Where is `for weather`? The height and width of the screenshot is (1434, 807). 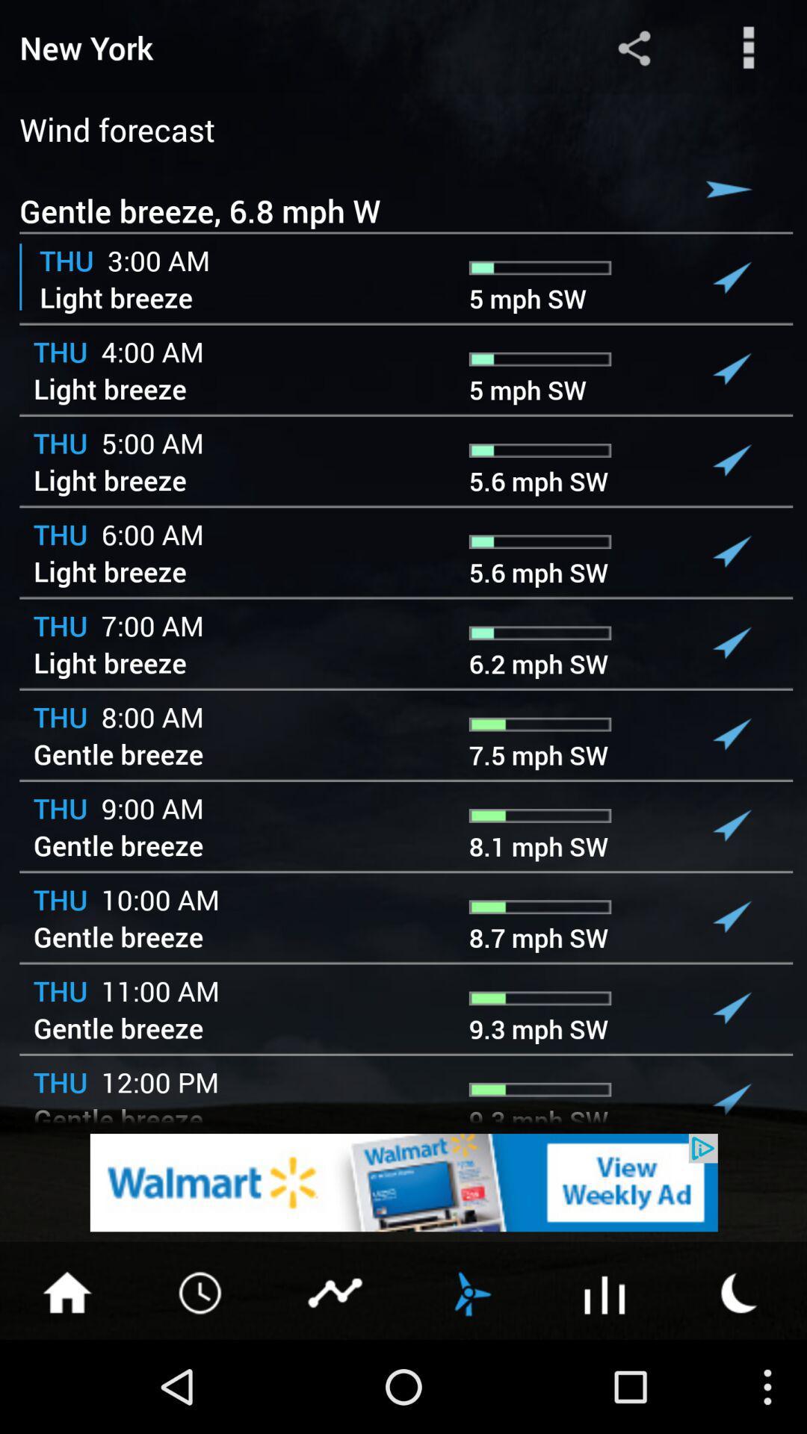
for weather is located at coordinates (740, 1291).